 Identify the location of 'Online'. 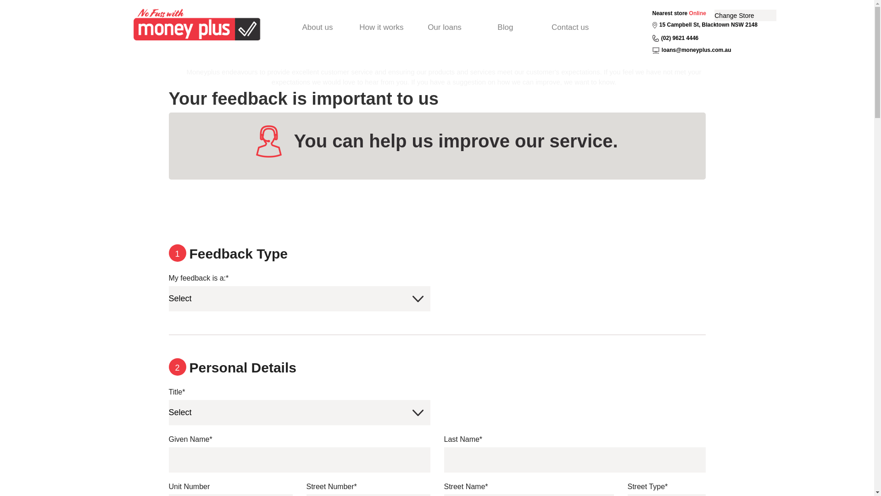
(697, 13).